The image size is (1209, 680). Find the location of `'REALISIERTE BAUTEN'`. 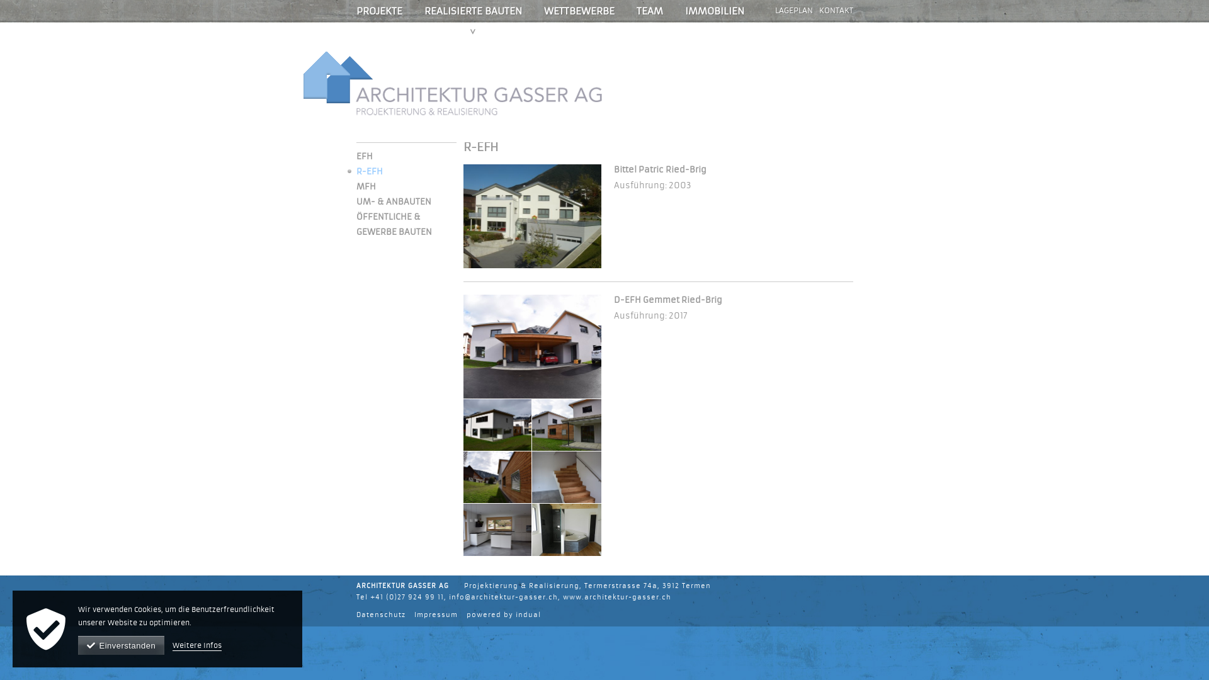

'REALISIERTE BAUTEN' is located at coordinates (472, 11).